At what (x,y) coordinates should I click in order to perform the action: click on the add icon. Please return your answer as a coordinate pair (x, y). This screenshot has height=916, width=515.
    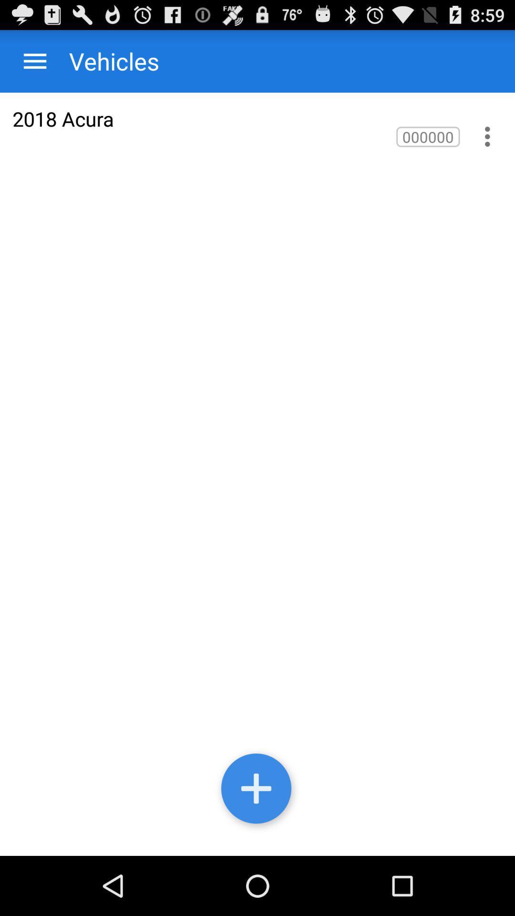
    Looking at the image, I should click on (257, 846).